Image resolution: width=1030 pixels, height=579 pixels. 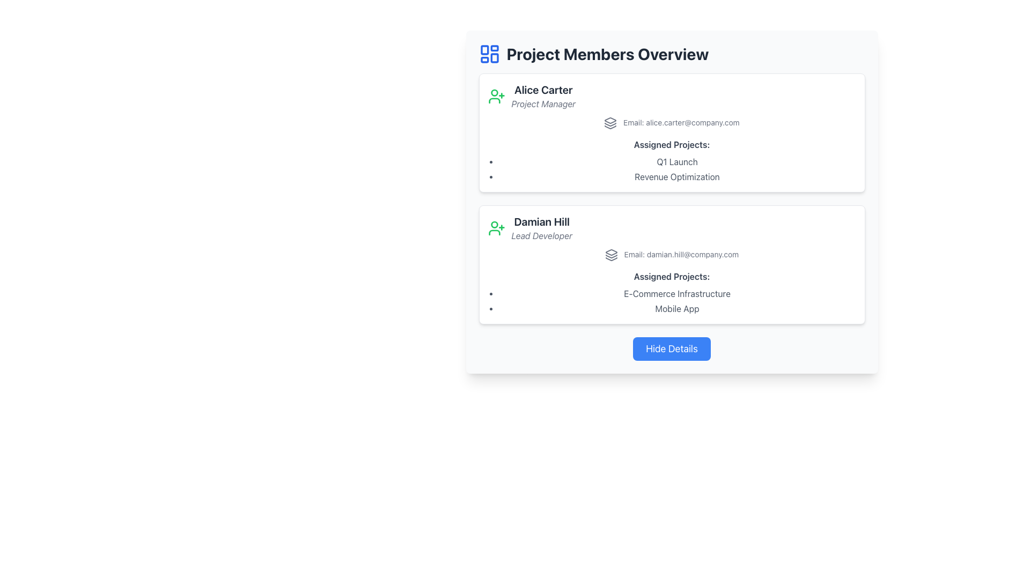 I want to click on to select the first project member's information card located in the 'Project Members Overview' section, so click(x=671, y=132).